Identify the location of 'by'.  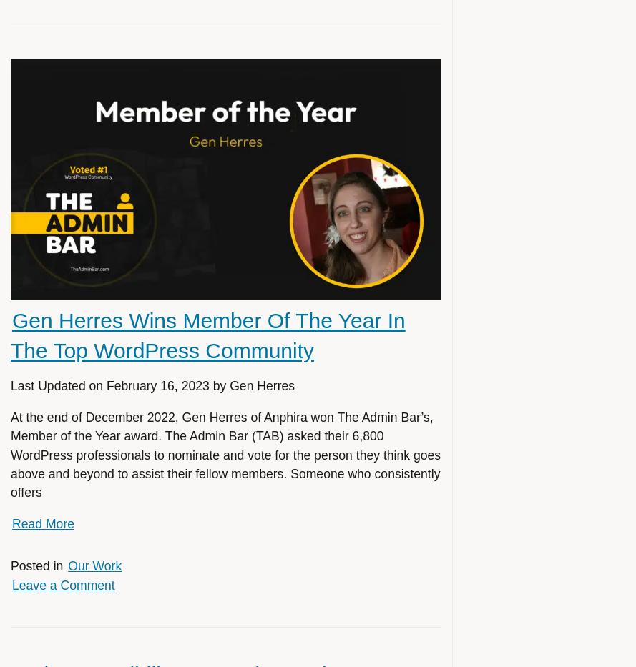
(219, 384).